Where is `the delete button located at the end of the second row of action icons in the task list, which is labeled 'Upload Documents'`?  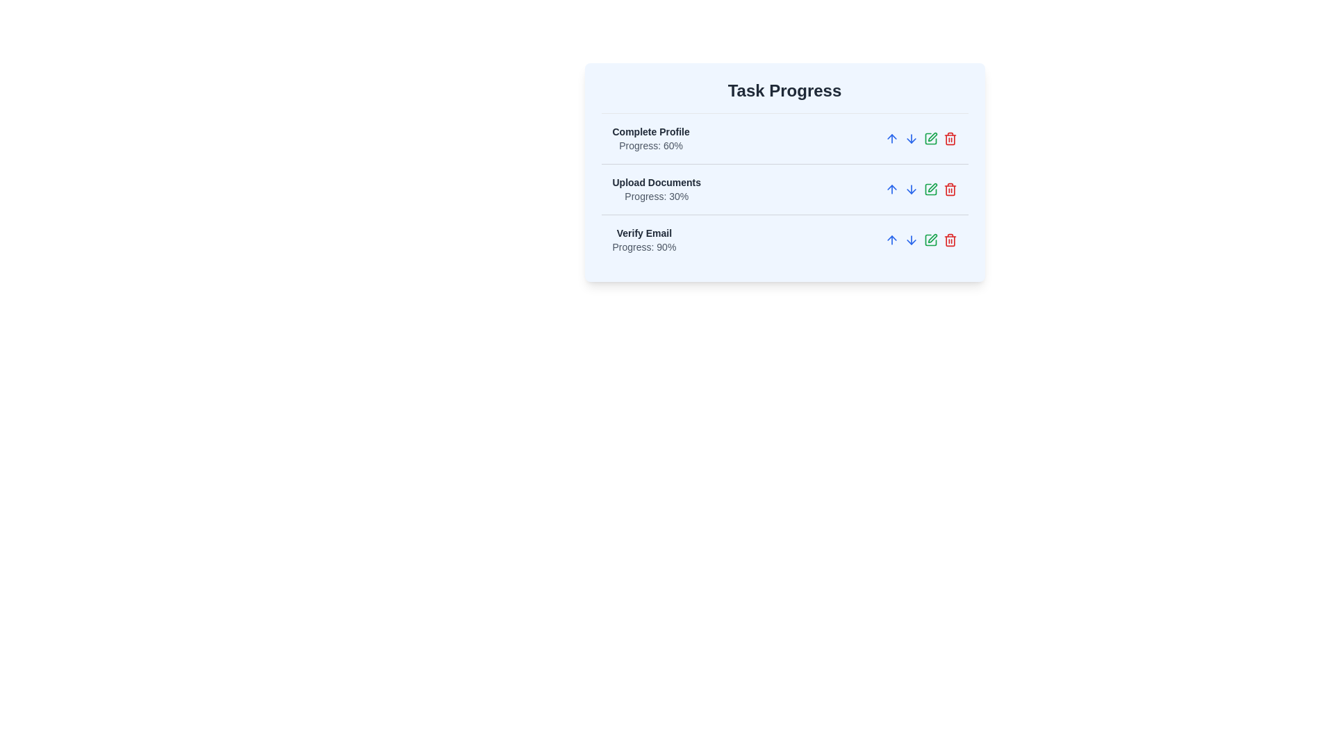 the delete button located at the end of the second row of action icons in the task list, which is labeled 'Upload Documents' is located at coordinates (949, 190).